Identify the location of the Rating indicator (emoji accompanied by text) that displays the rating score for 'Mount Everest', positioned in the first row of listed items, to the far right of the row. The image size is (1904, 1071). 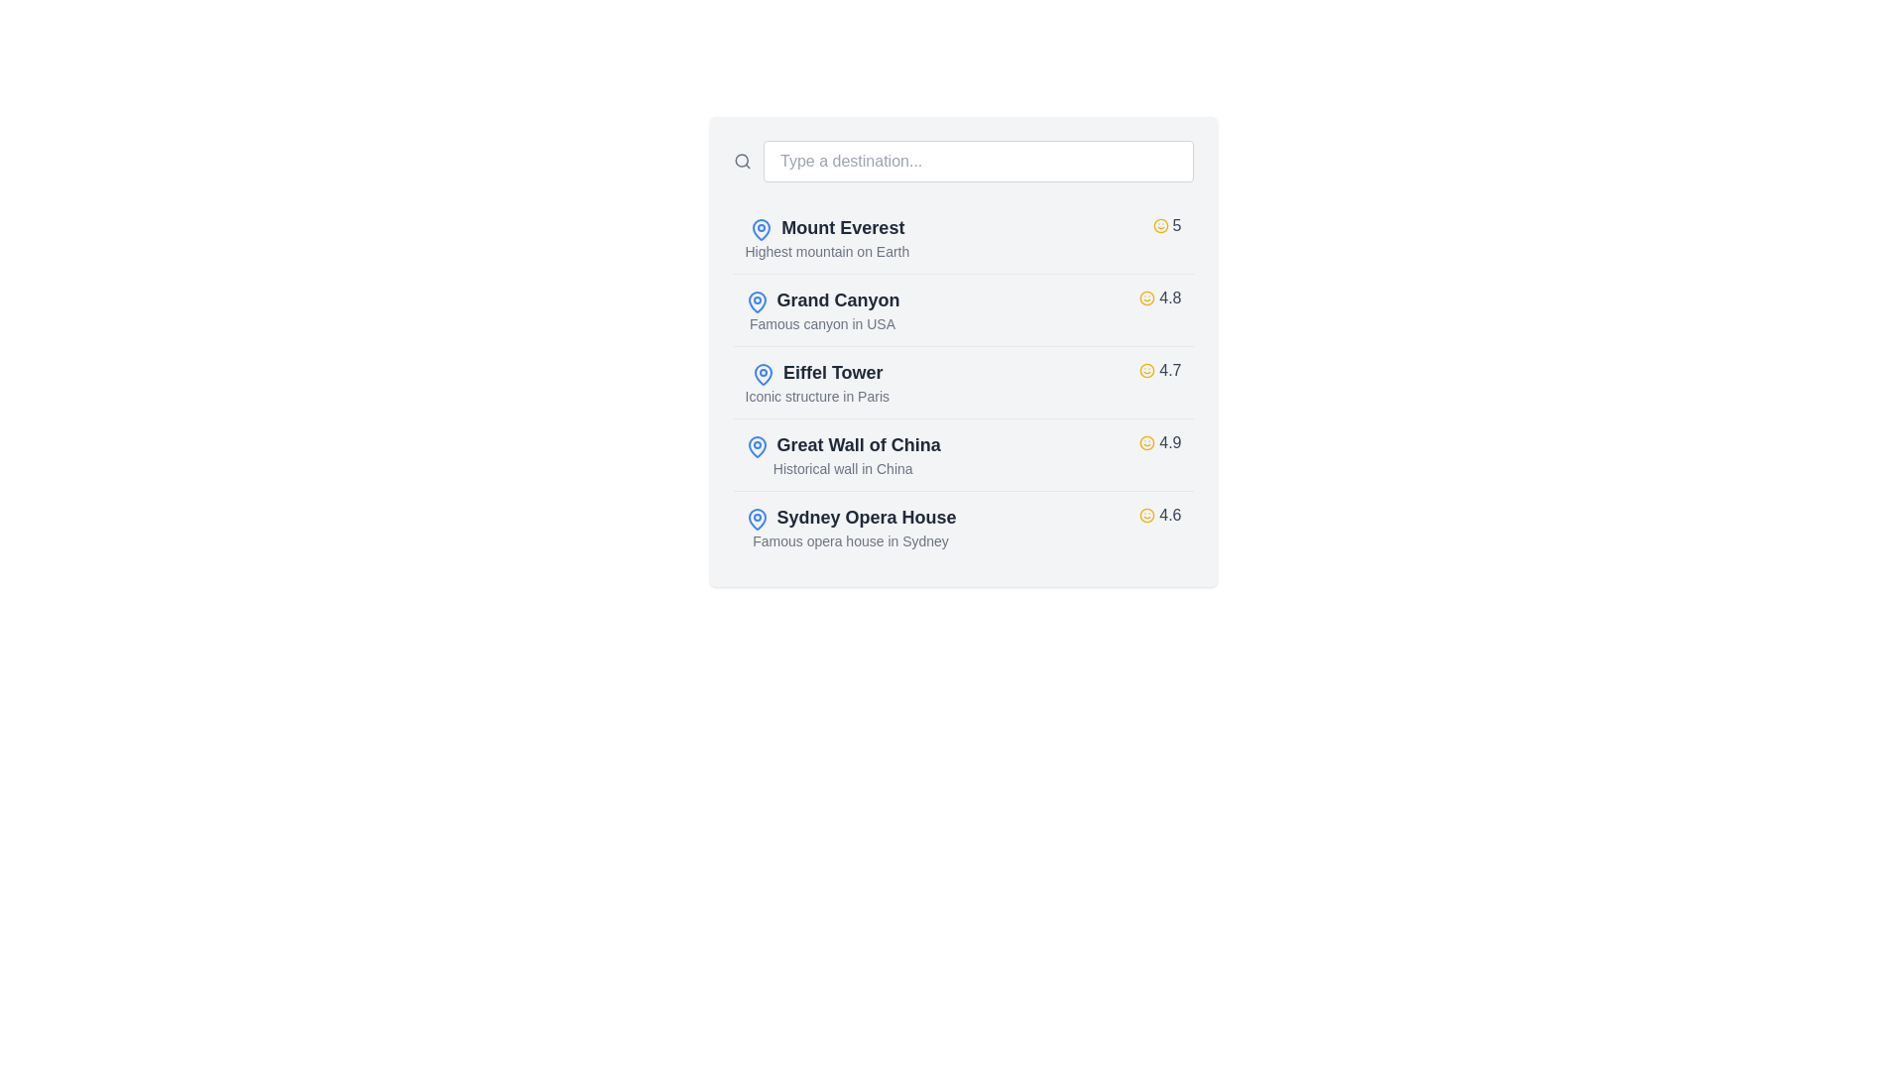
(1166, 224).